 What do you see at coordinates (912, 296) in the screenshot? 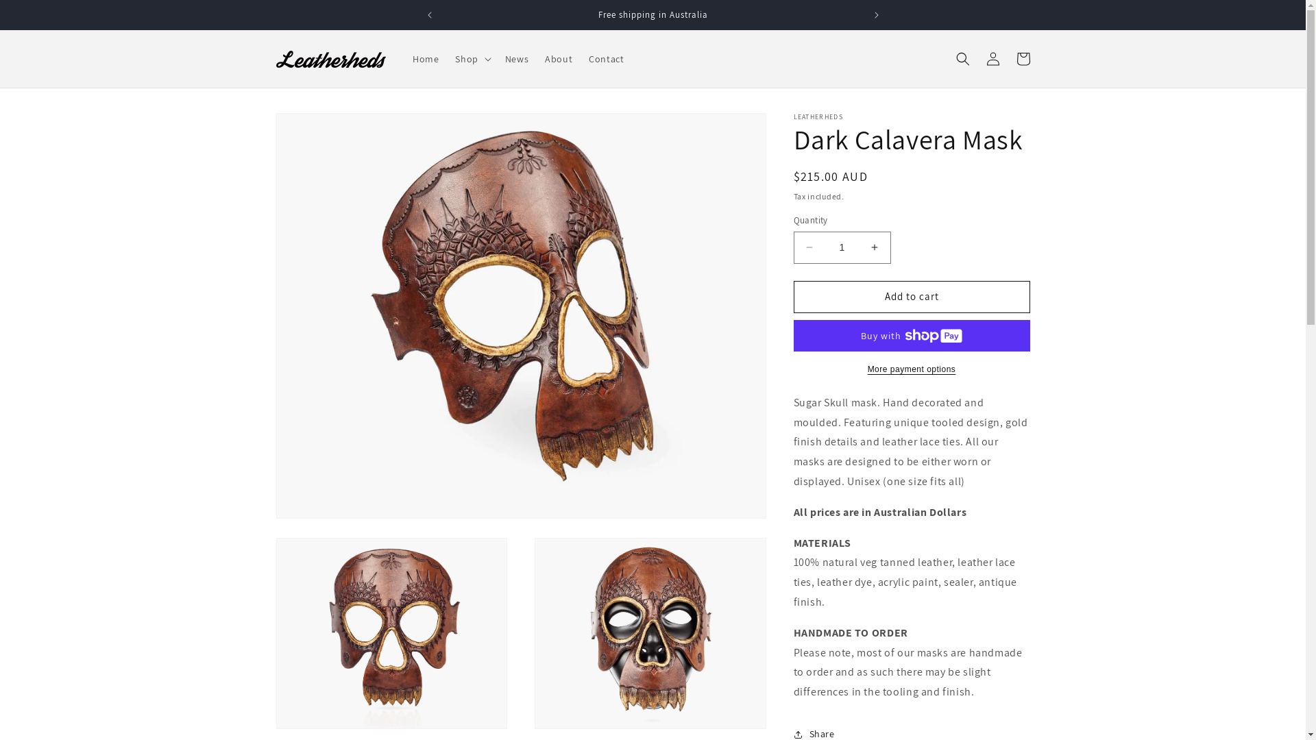
I see `'Add to cart'` at bounding box center [912, 296].